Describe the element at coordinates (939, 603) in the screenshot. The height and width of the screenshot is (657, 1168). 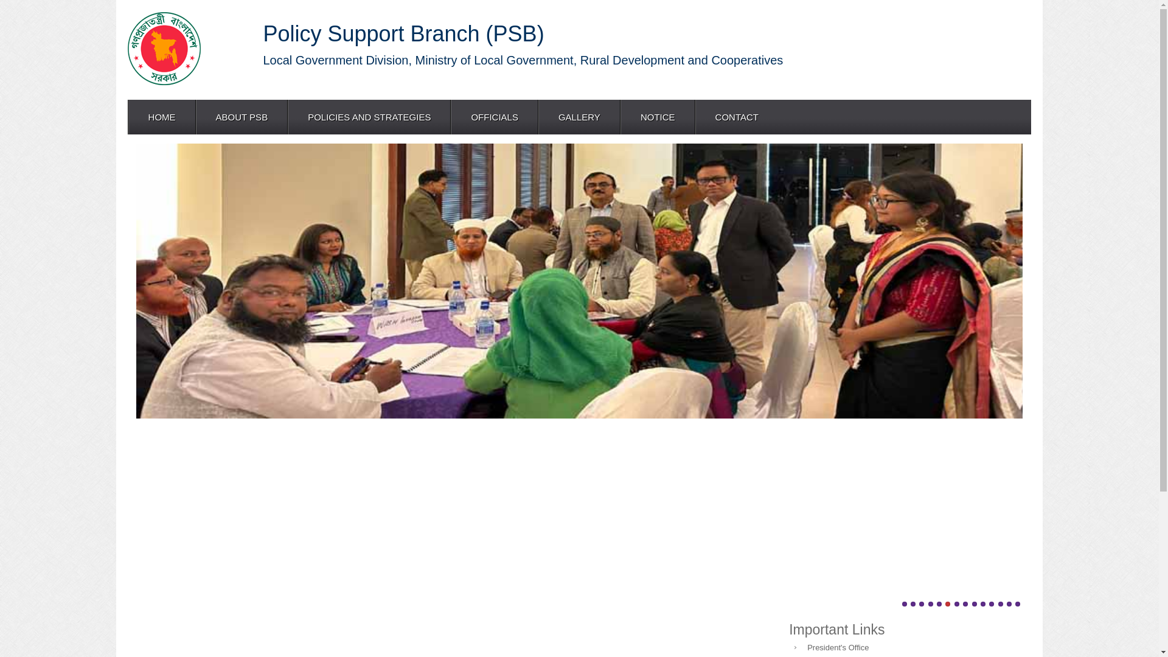
I see `'5'` at that location.